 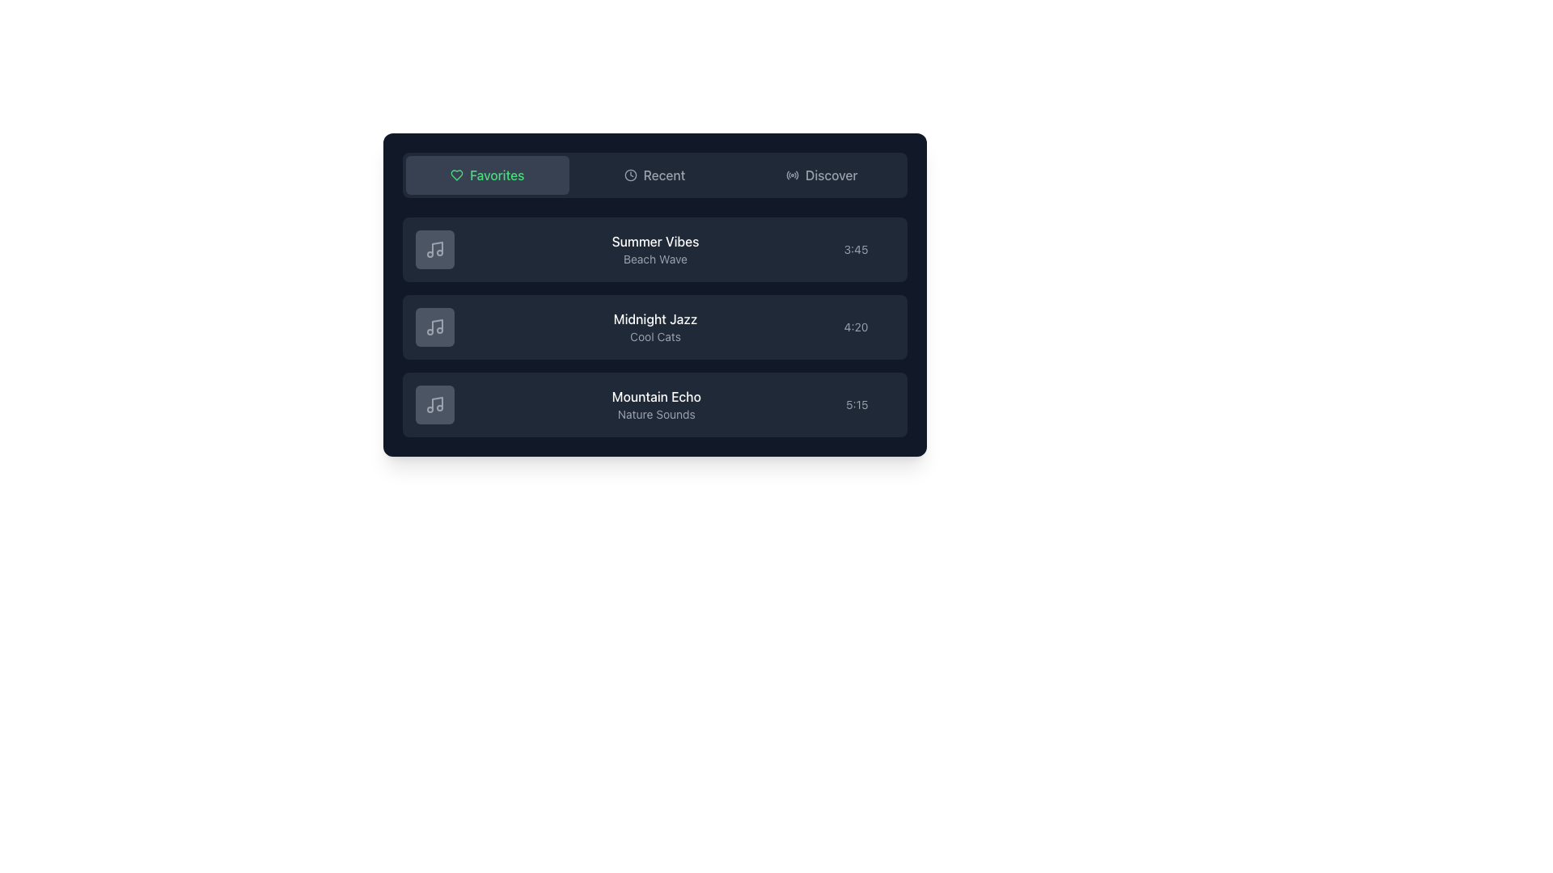 What do you see at coordinates (822, 175) in the screenshot?
I see `the 'Discover' button, which is the third button in the navigation bar` at bounding box center [822, 175].